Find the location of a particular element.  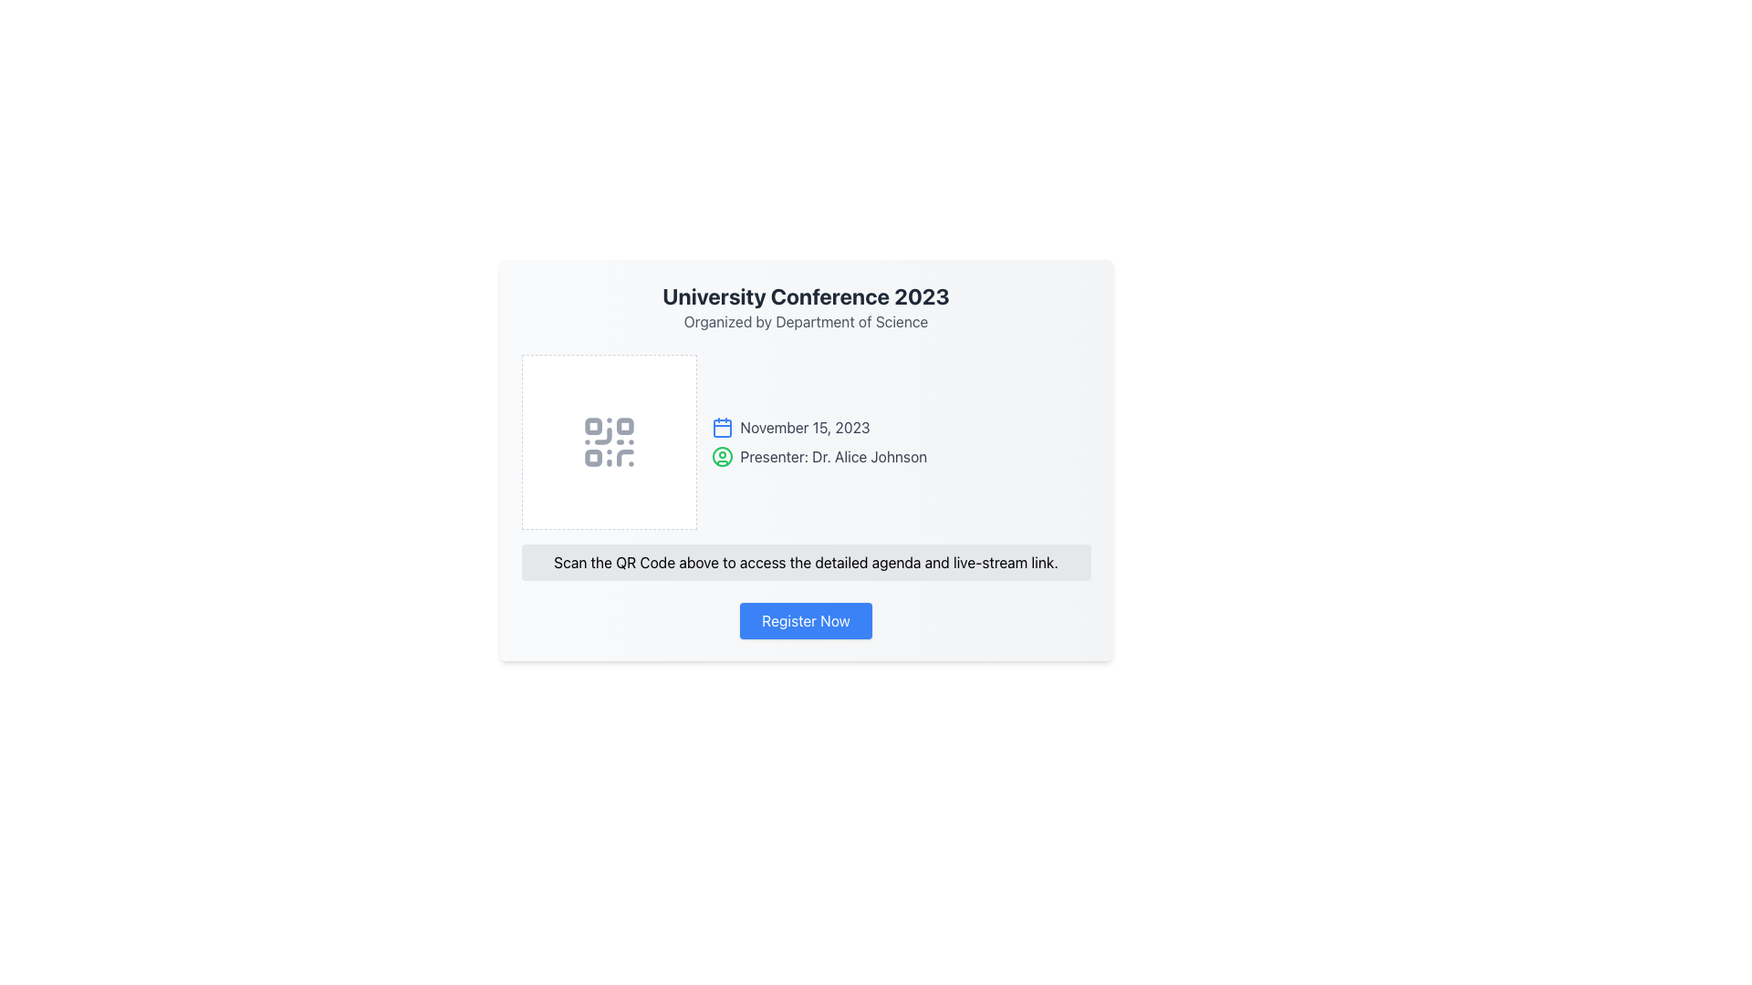

the calendar icon segment, which is a rounded rectangle located next to the text 'November 15, 2023' and above the presenter information is located at coordinates (721, 429).